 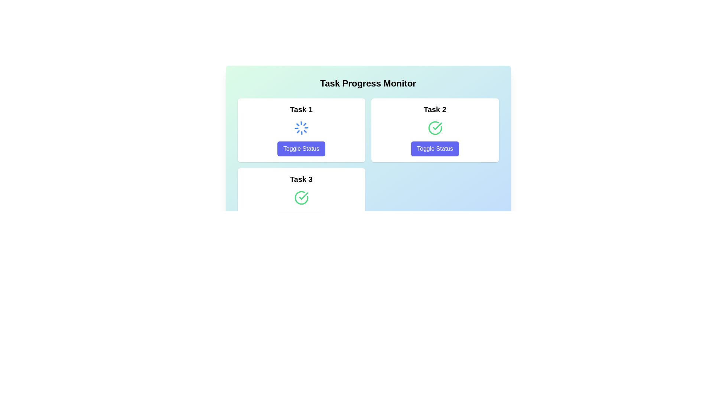 What do you see at coordinates (301, 109) in the screenshot?
I see `the text label that serves as a header or identifier for the associated task, located in the top left card on a grid layout, positioned above a spinner icon and a 'Toggle Status' button` at bounding box center [301, 109].